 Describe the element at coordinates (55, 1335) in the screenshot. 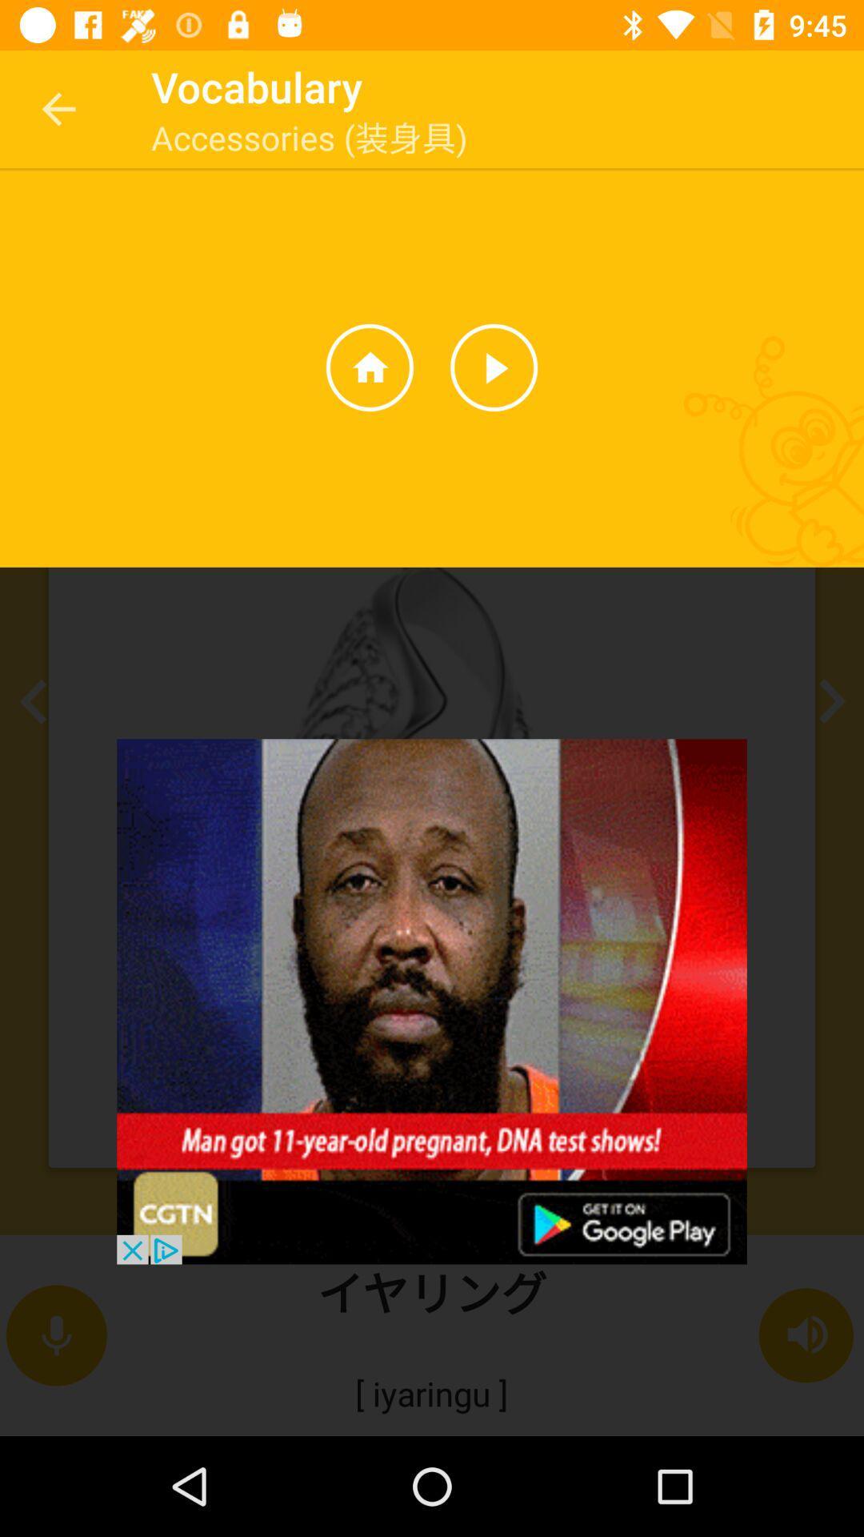

I see `the microphone icon` at that location.